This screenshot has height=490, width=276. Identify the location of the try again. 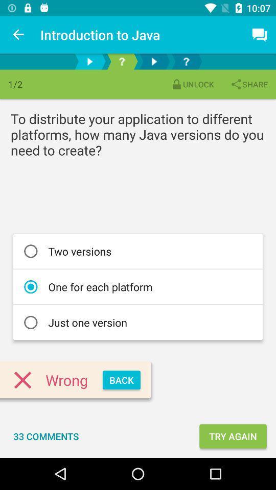
(233, 435).